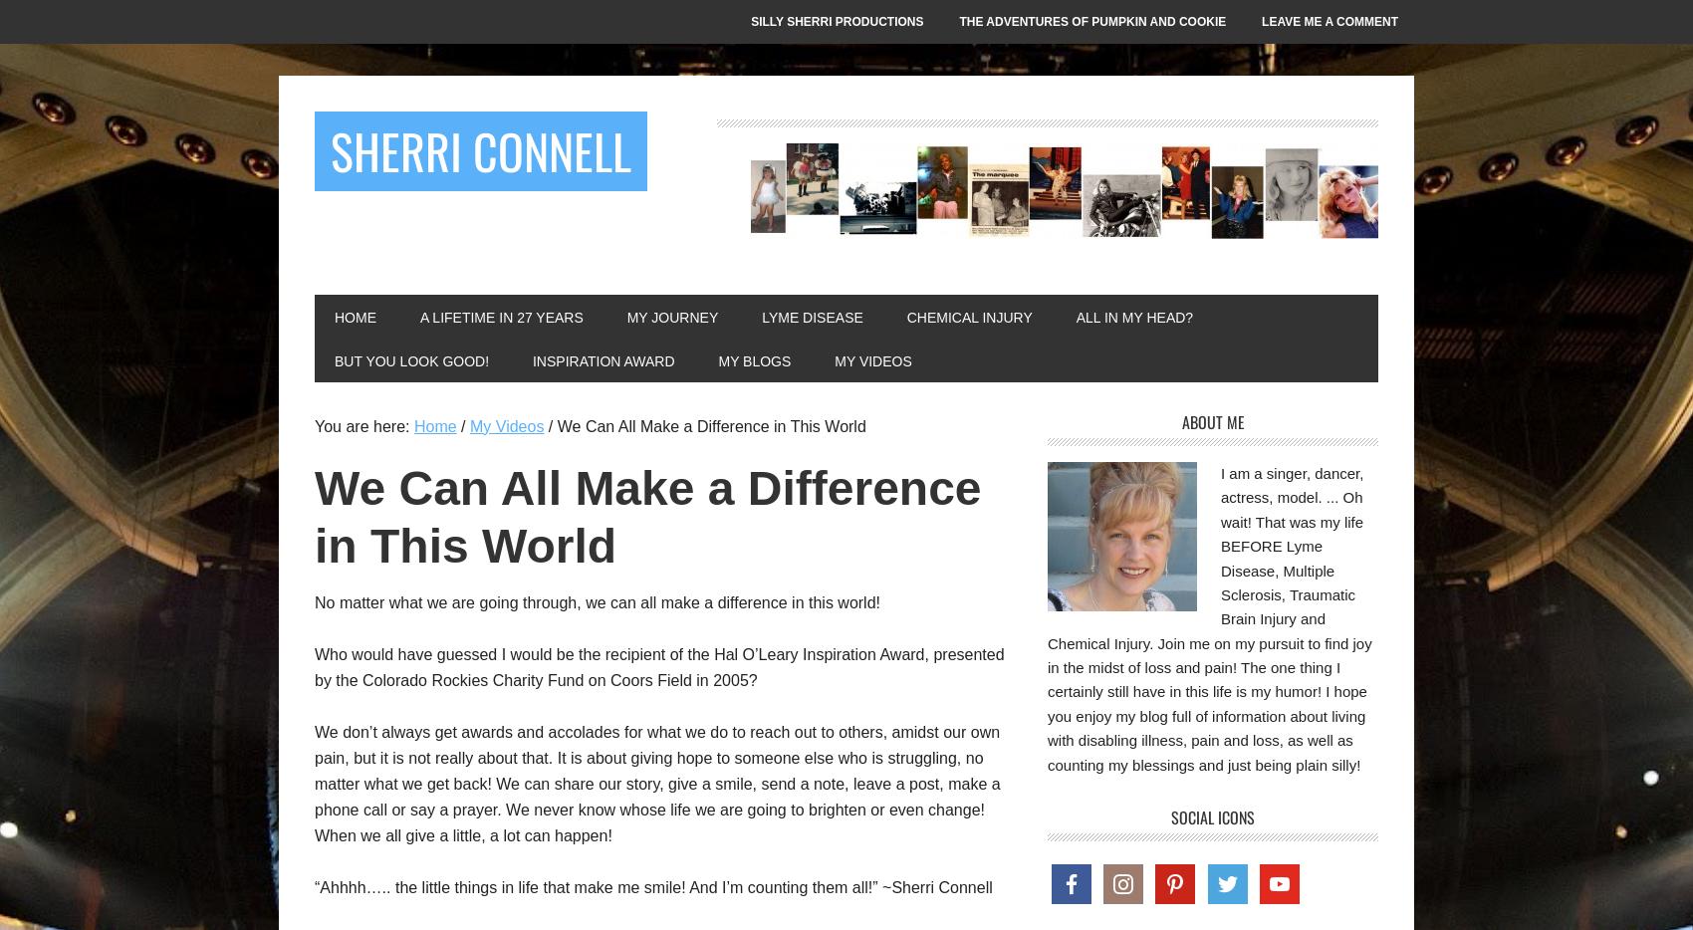 Image resolution: width=1693 pixels, height=930 pixels. Describe the element at coordinates (872, 361) in the screenshot. I see `'My Videos'` at that location.